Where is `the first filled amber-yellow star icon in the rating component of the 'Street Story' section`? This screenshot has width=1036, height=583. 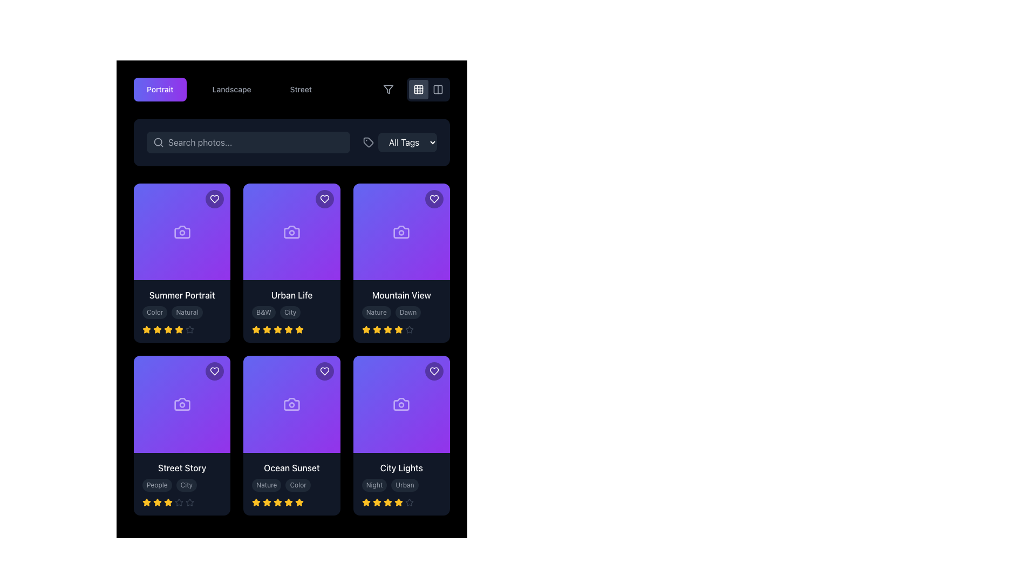 the first filled amber-yellow star icon in the rating component of the 'Street Story' section is located at coordinates (146, 501).